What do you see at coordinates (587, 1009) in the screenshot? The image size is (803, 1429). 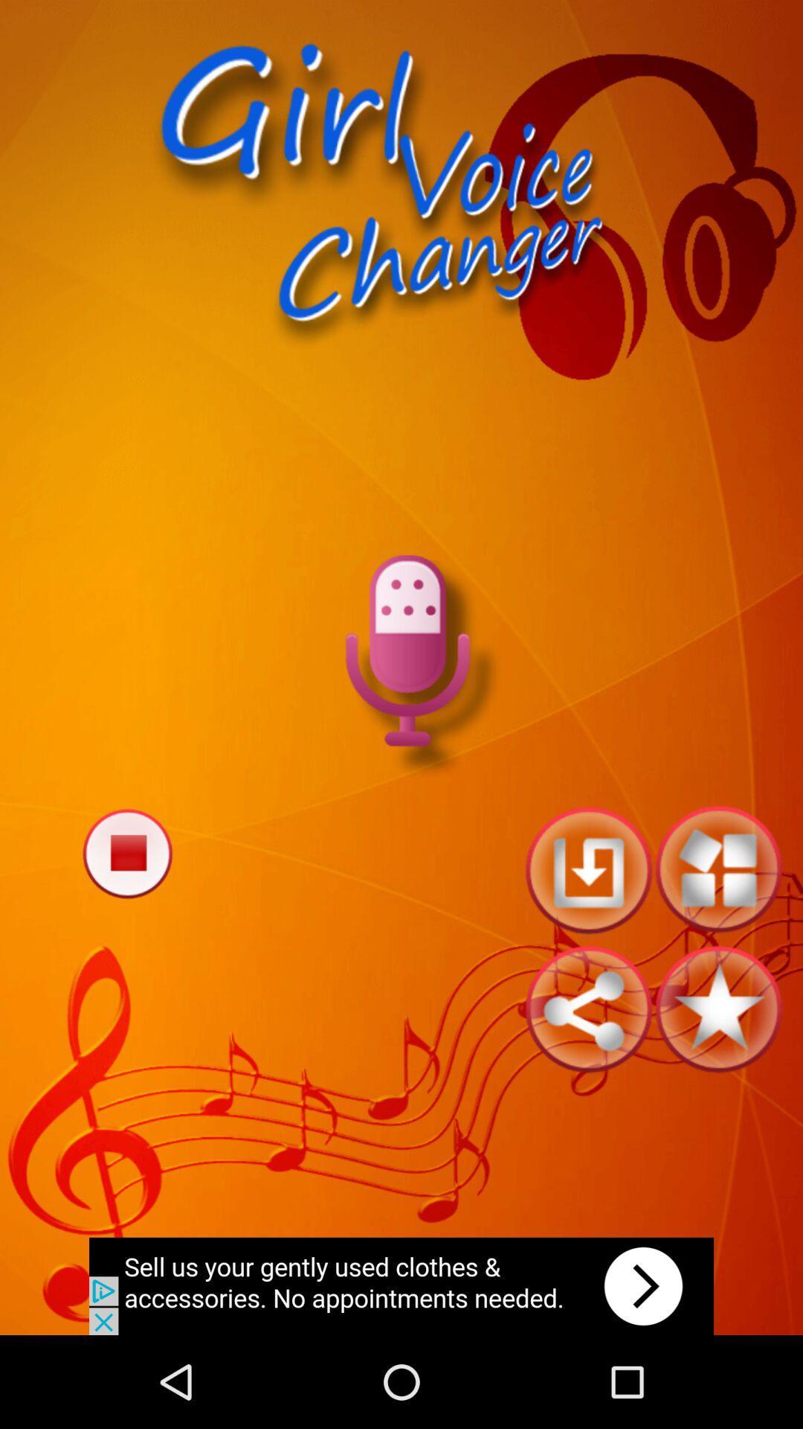 I see `share to site` at bounding box center [587, 1009].